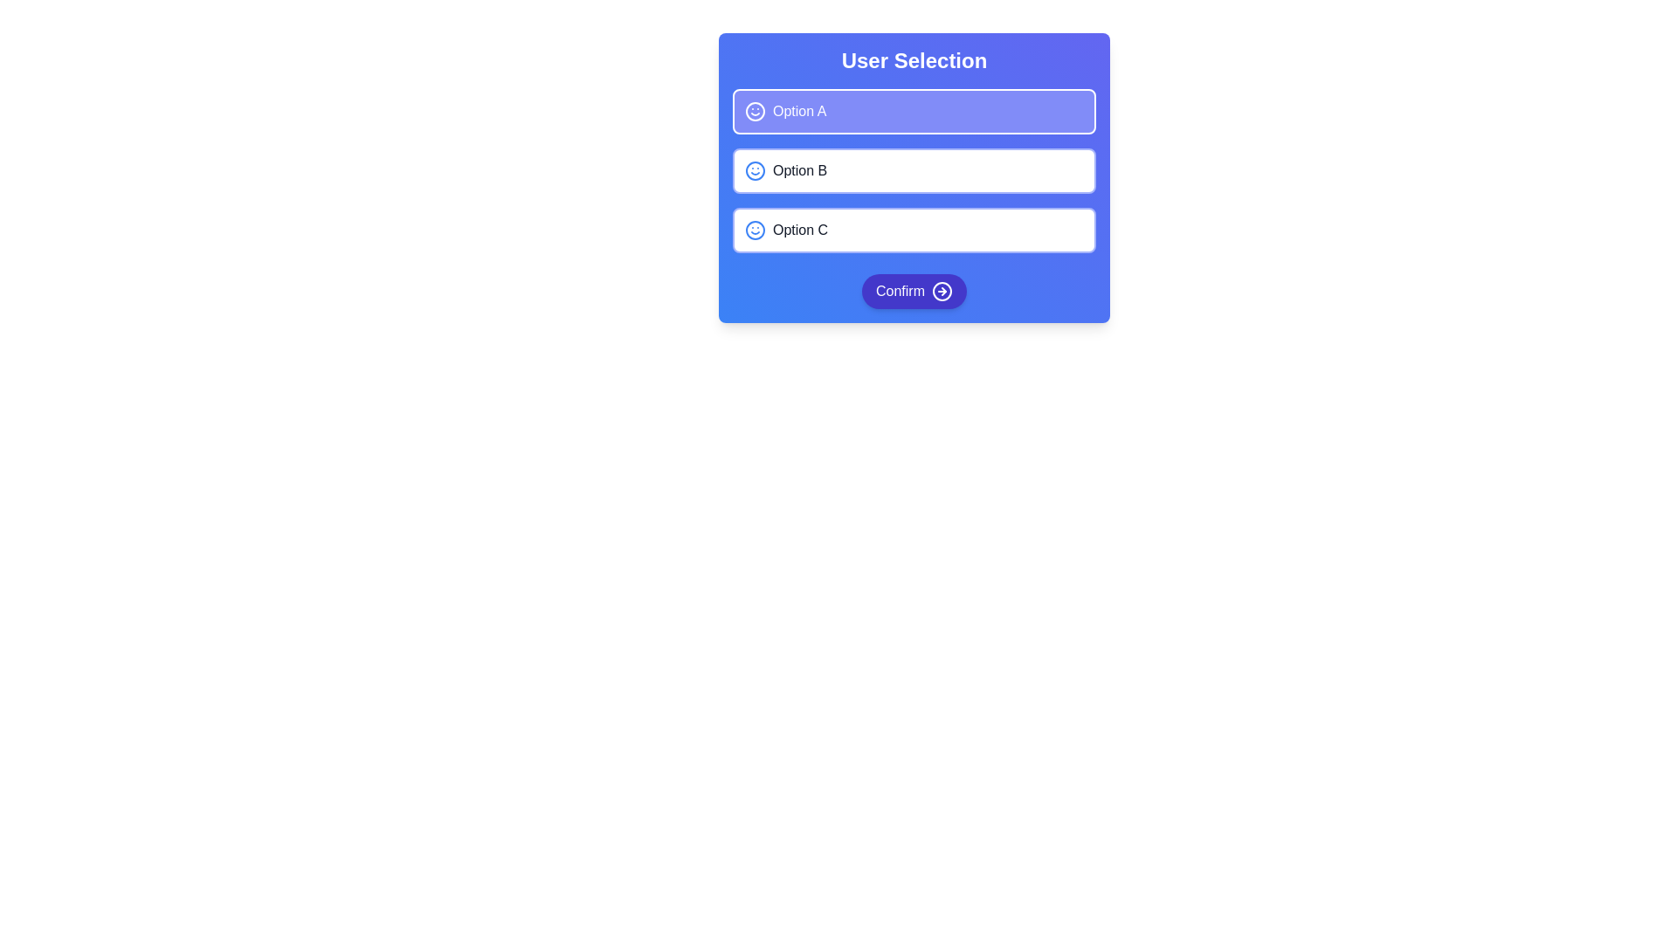 The height and width of the screenshot is (943, 1677). Describe the element at coordinates (913, 291) in the screenshot. I see `the 'Confirm' button with rounded corners and a gradient background` at that location.